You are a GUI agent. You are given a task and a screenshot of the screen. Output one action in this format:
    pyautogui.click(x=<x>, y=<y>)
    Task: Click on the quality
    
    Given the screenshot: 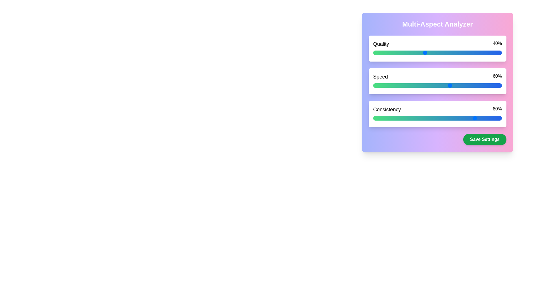 What is the action you would take?
    pyautogui.click(x=494, y=53)
    